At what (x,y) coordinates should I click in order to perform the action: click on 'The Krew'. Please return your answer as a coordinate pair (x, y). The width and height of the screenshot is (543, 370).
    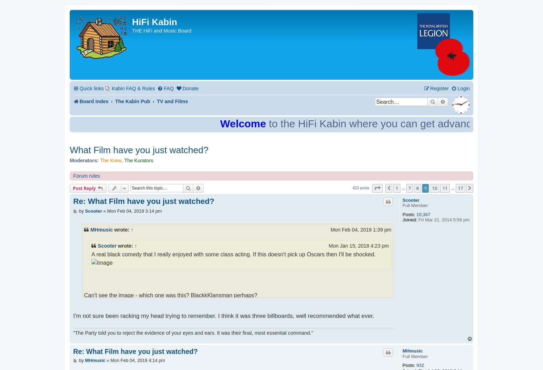
    Looking at the image, I should click on (110, 160).